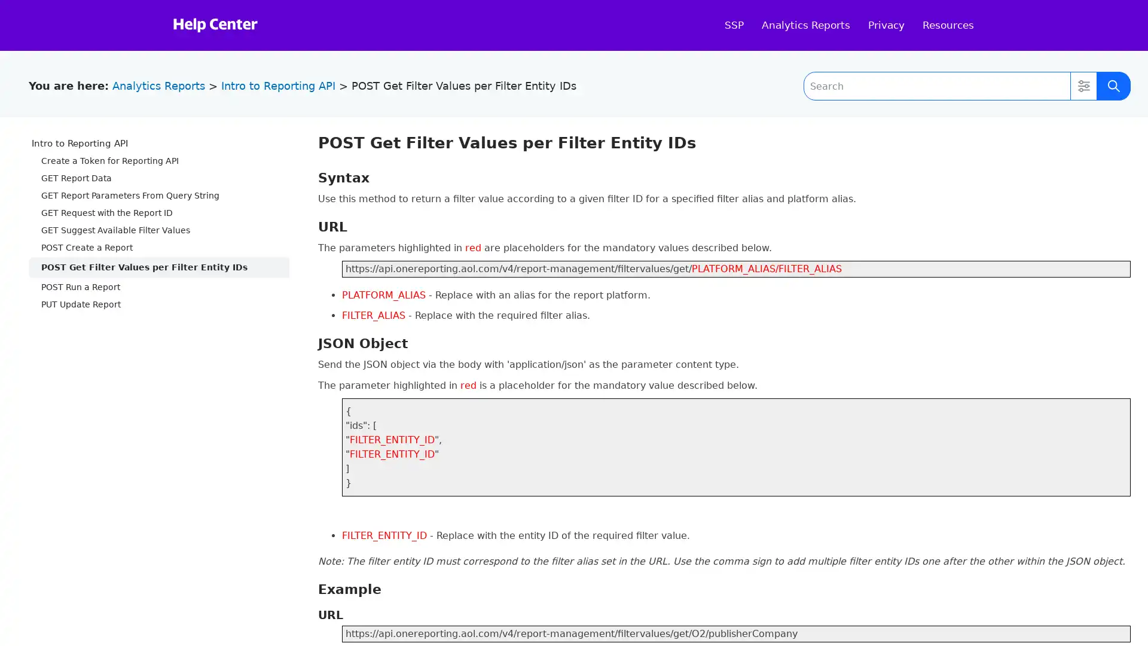  Describe the element at coordinates (1113, 85) in the screenshot. I see `Submit Search` at that location.